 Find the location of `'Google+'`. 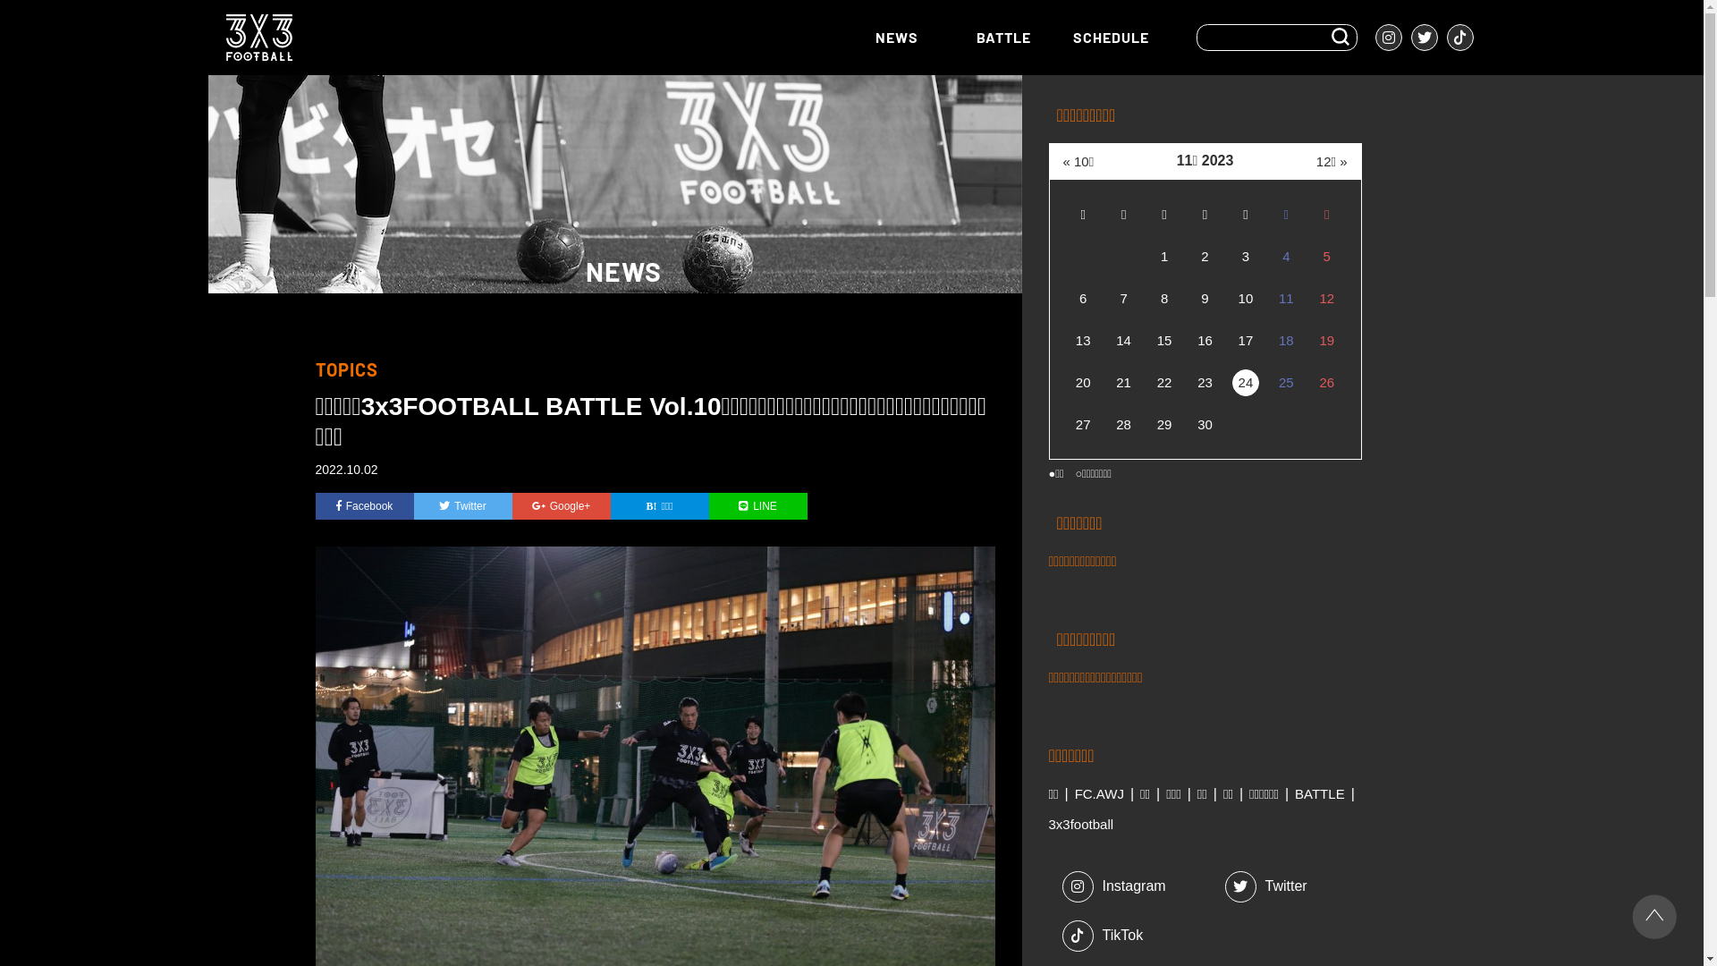

'Google+' is located at coordinates (560, 506).